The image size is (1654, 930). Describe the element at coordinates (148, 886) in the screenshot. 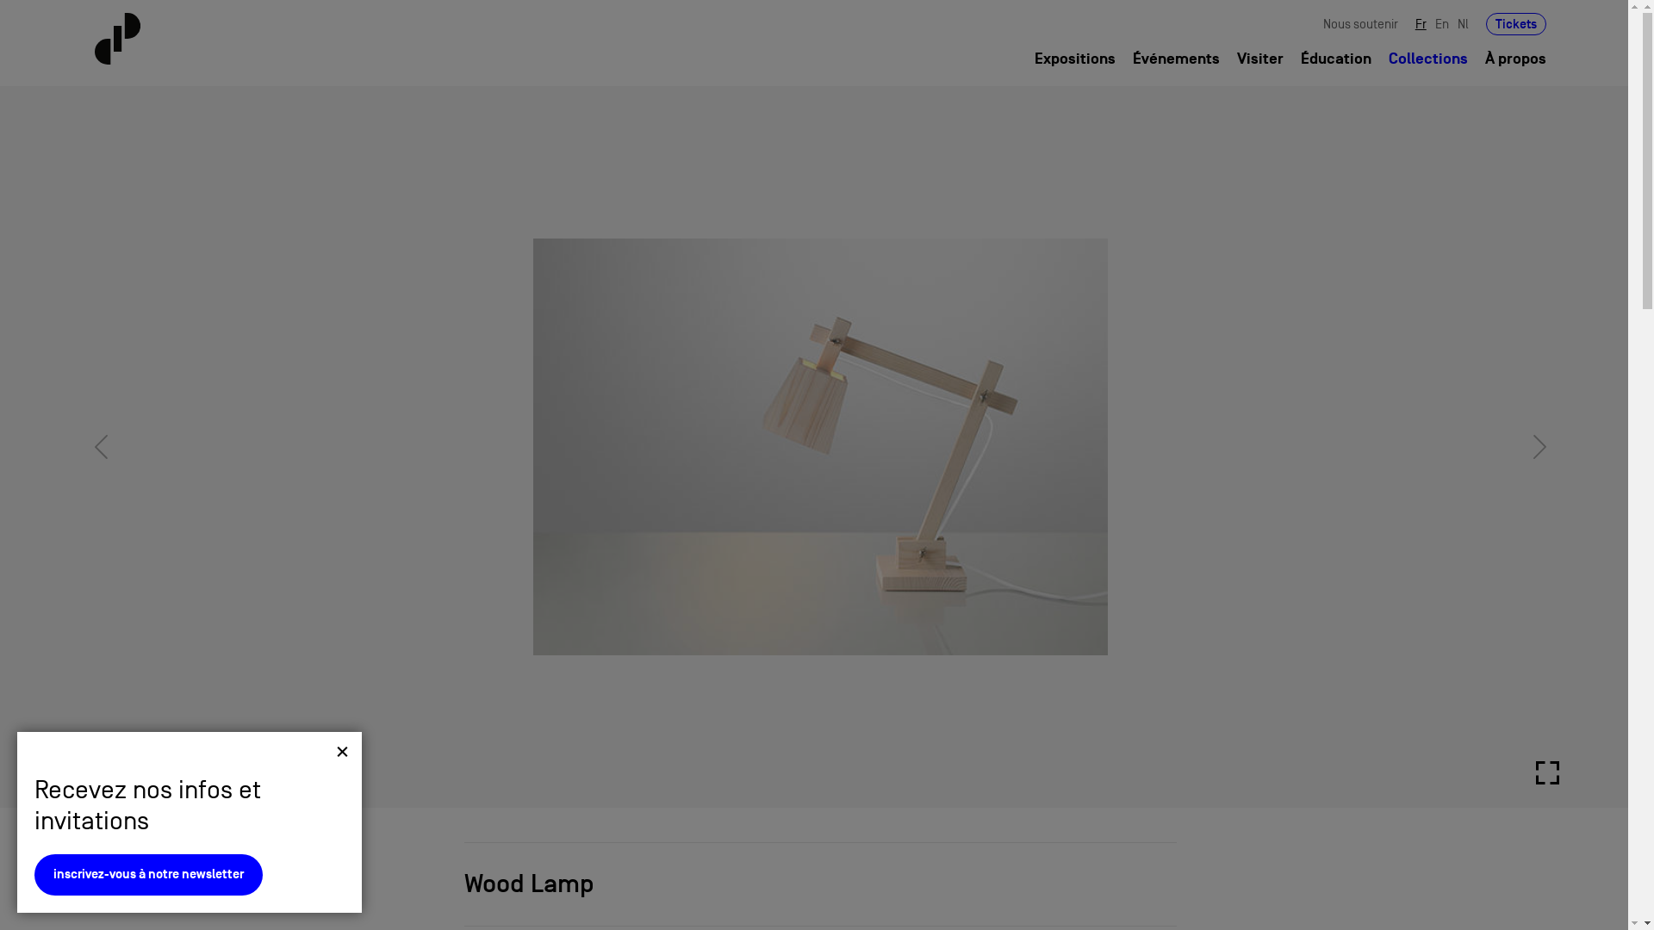

I see `'Collections'` at that location.